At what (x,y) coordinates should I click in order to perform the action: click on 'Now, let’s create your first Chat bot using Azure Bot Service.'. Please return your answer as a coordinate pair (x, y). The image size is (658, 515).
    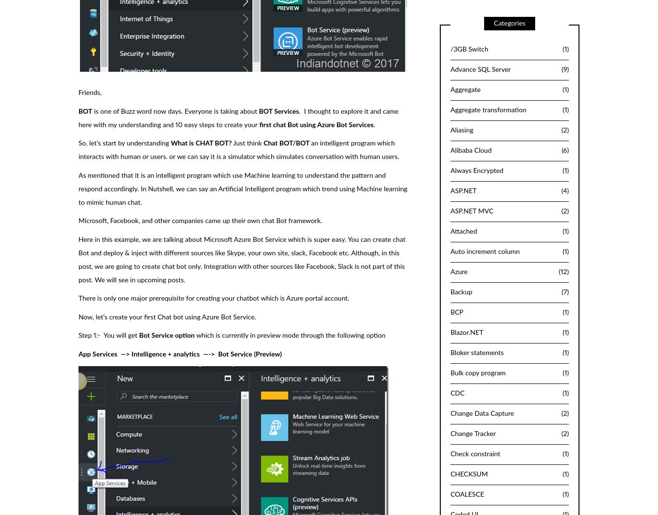
    Looking at the image, I should click on (78, 316).